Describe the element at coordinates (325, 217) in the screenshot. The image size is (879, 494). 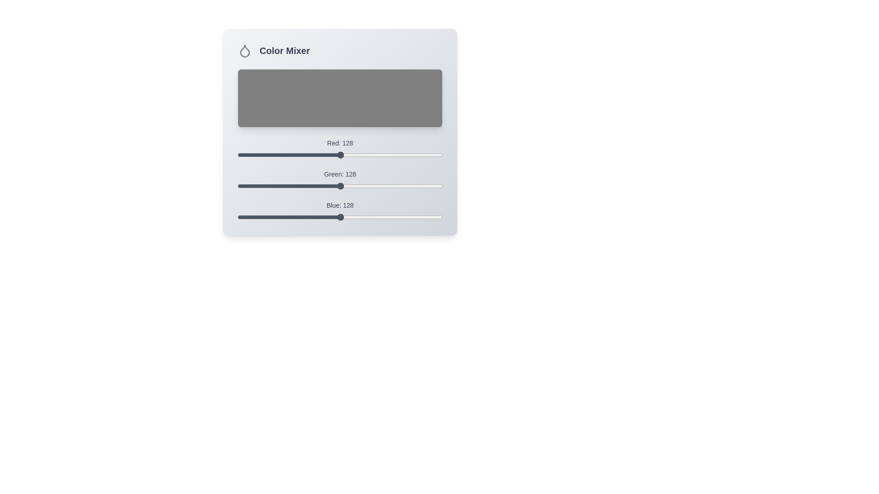
I see `the blue slider to set the blue color component to 109` at that location.